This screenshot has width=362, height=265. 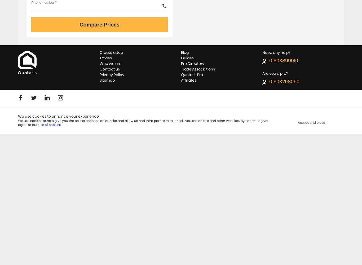 What do you see at coordinates (276, 52) in the screenshot?
I see `'Need any help?'` at bounding box center [276, 52].